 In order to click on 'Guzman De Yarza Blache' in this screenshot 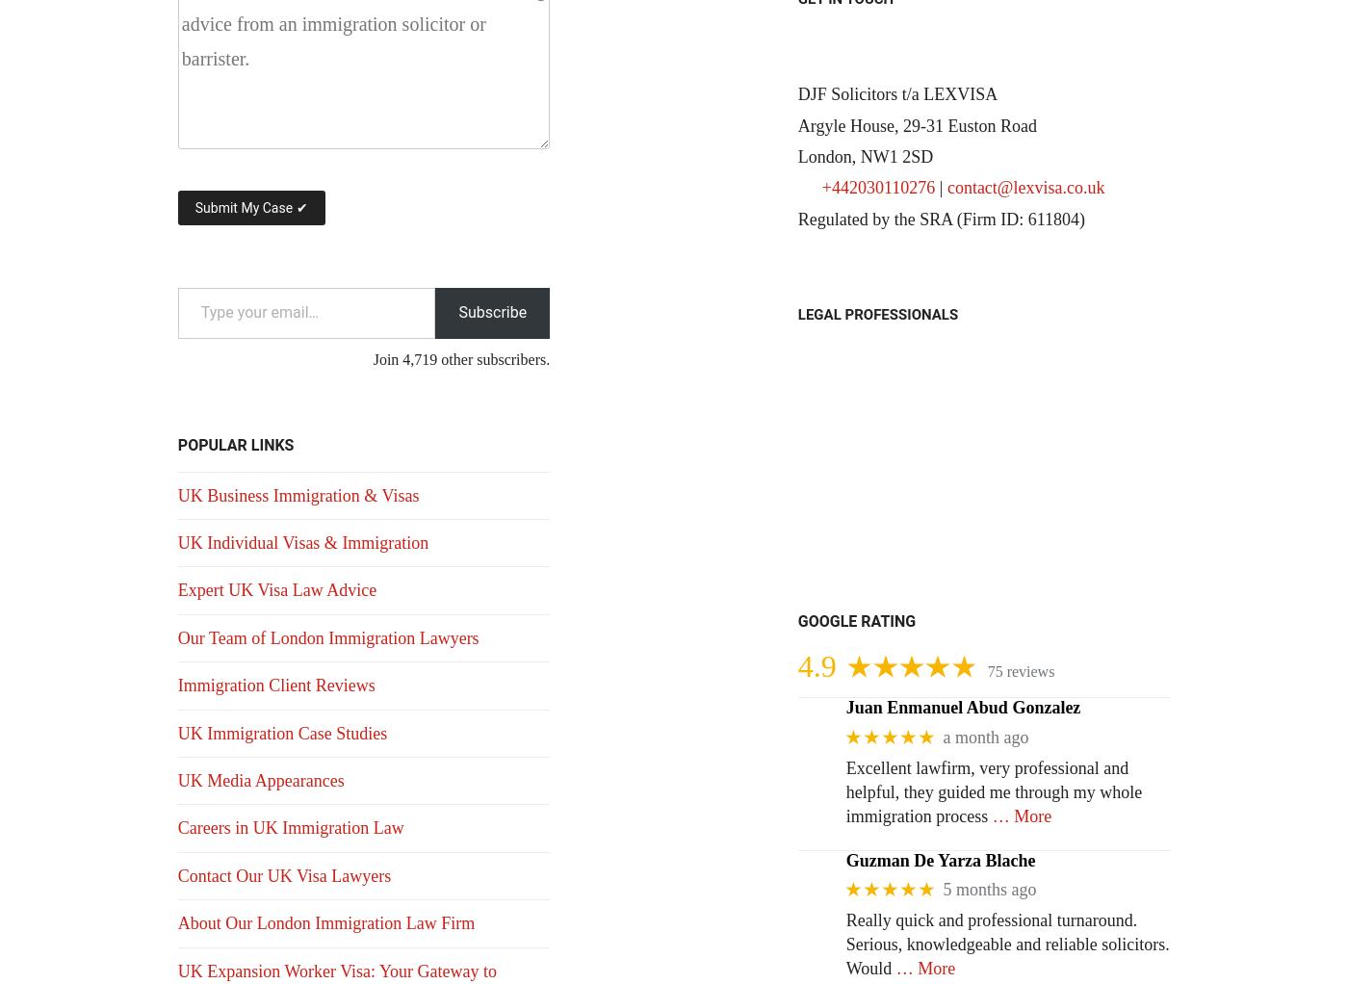, I will do `click(844, 859)`.